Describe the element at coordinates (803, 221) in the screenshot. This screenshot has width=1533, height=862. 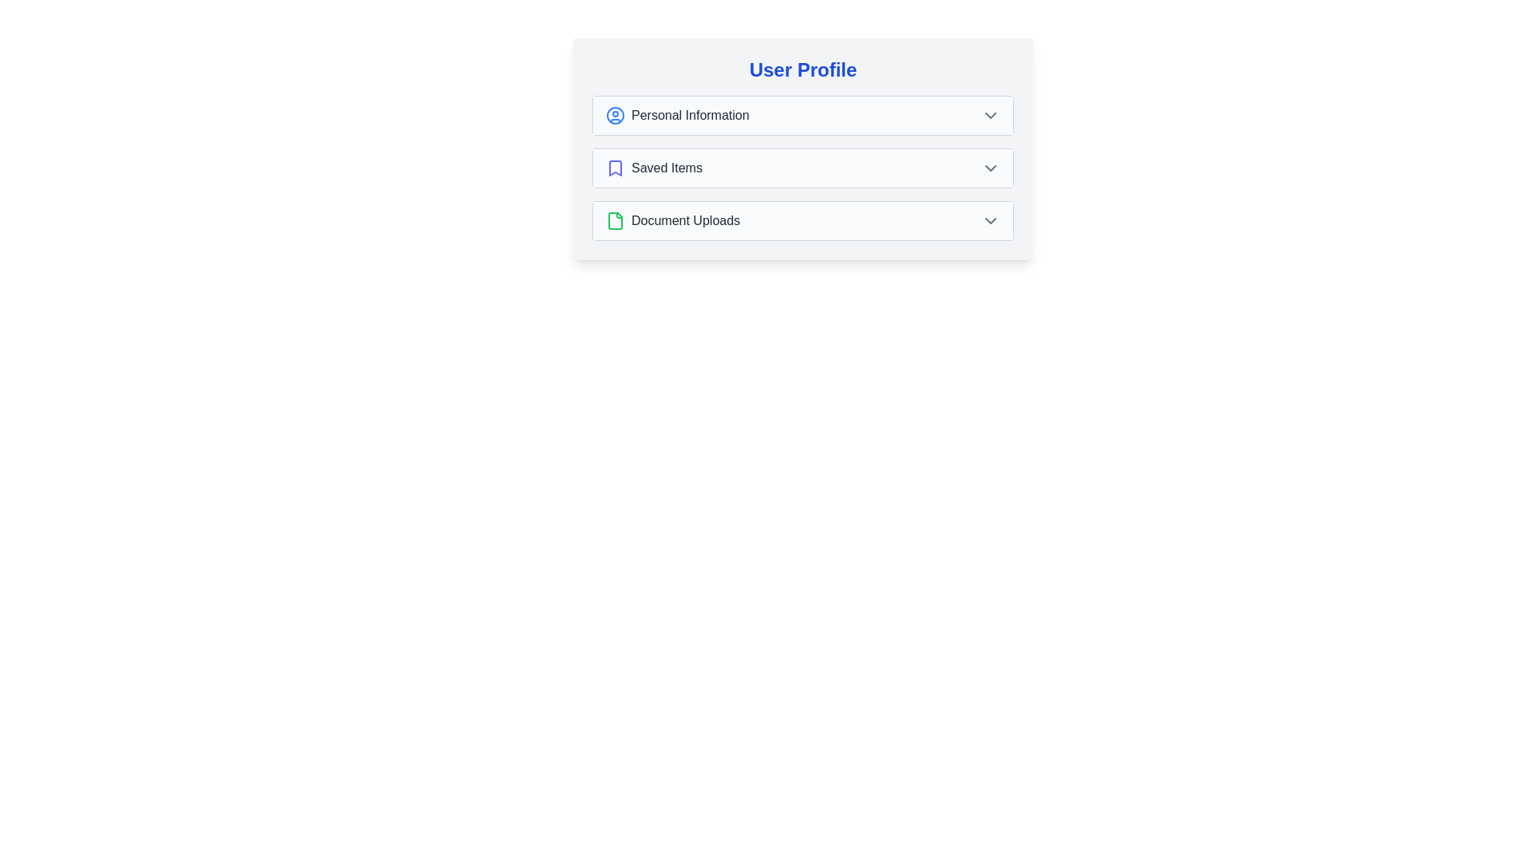
I see `the collapsible menu item for 'Document Uploads'` at that location.